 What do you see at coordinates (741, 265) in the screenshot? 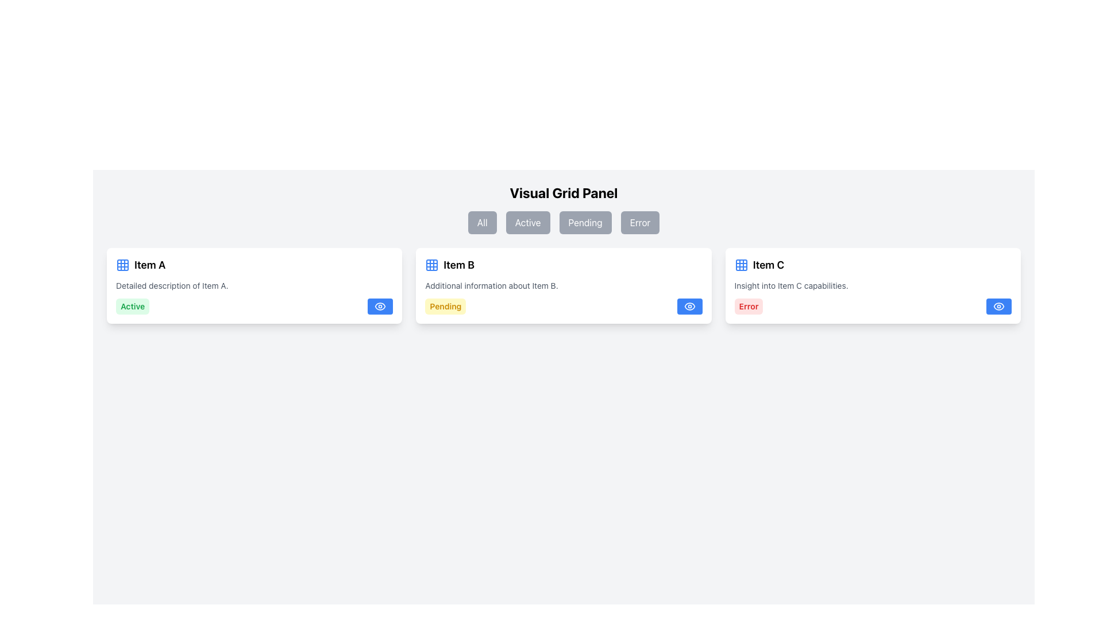
I see `the graphical icon element representing the top-left square of the 3x3 grid, located near the title 'Item A'` at bounding box center [741, 265].